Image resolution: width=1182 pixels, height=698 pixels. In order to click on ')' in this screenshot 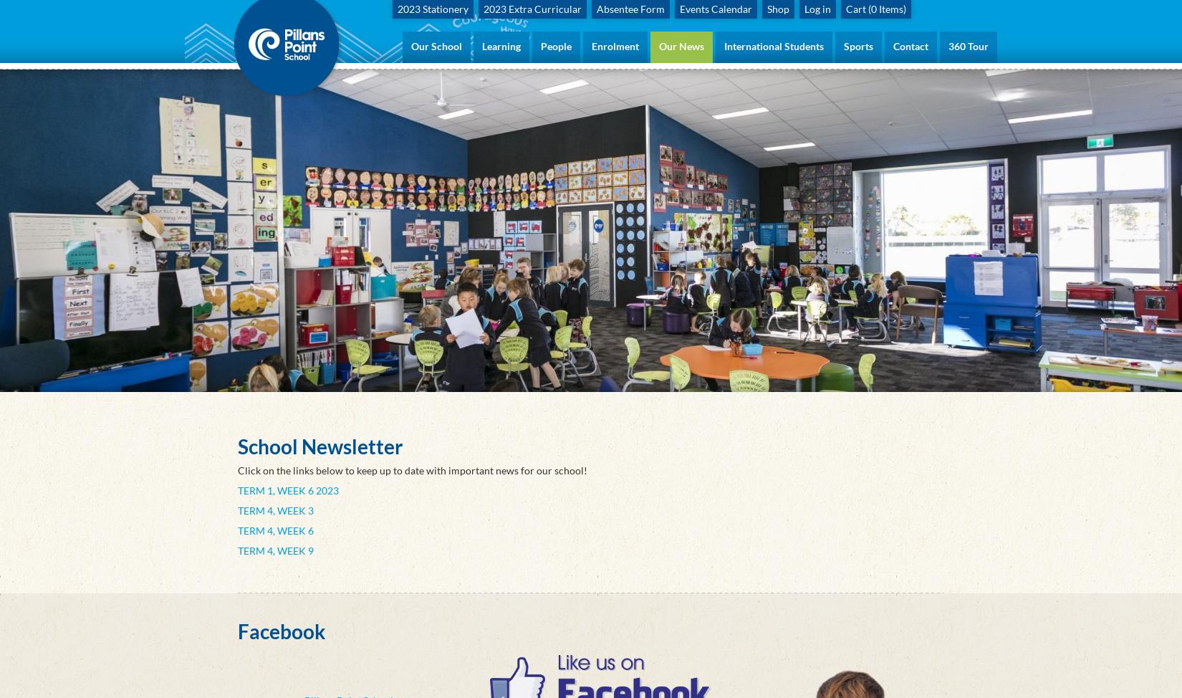, I will do `click(902, 9)`.